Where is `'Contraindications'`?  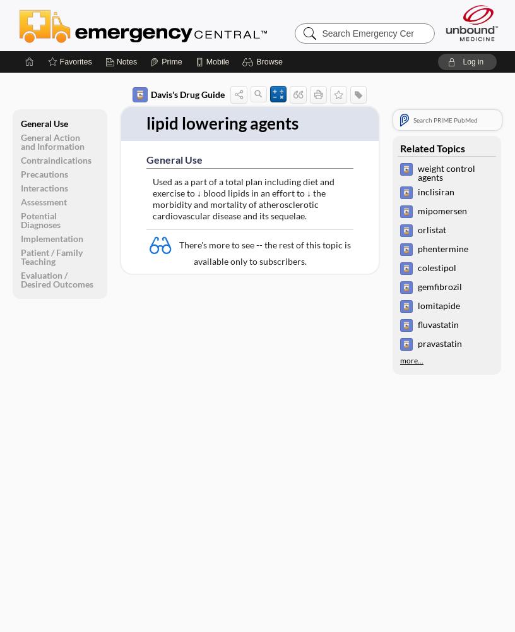 'Contraindications' is located at coordinates (56, 160).